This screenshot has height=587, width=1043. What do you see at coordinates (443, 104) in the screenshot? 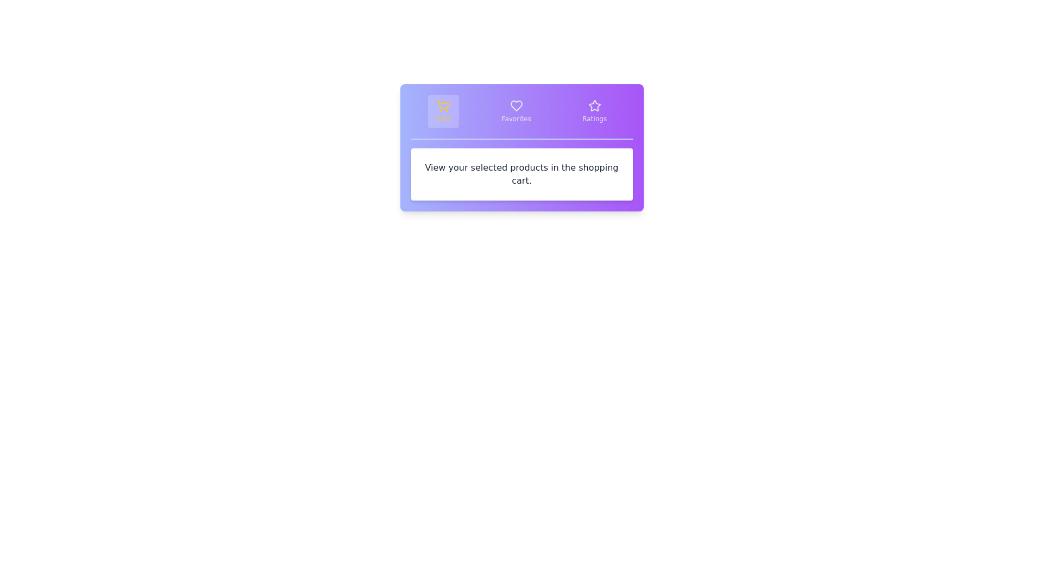
I see `the shopping cart icon in the navigation bar` at bounding box center [443, 104].